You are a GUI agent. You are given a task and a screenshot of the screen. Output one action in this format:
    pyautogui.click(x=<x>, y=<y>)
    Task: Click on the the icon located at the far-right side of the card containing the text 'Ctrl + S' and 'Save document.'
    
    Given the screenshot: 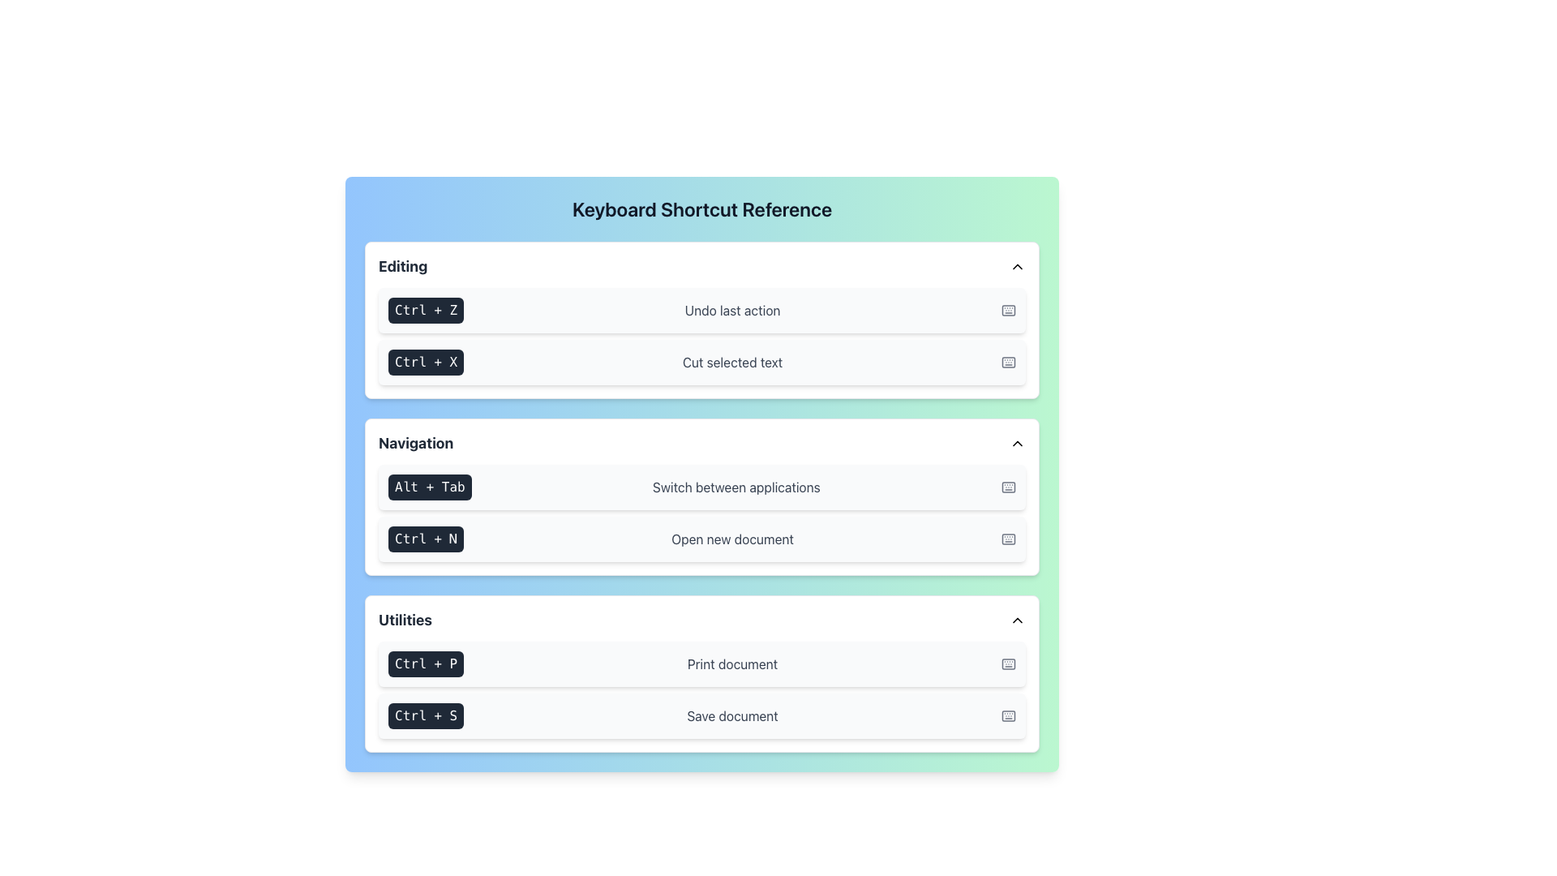 What is the action you would take?
    pyautogui.click(x=1007, y=715)
    